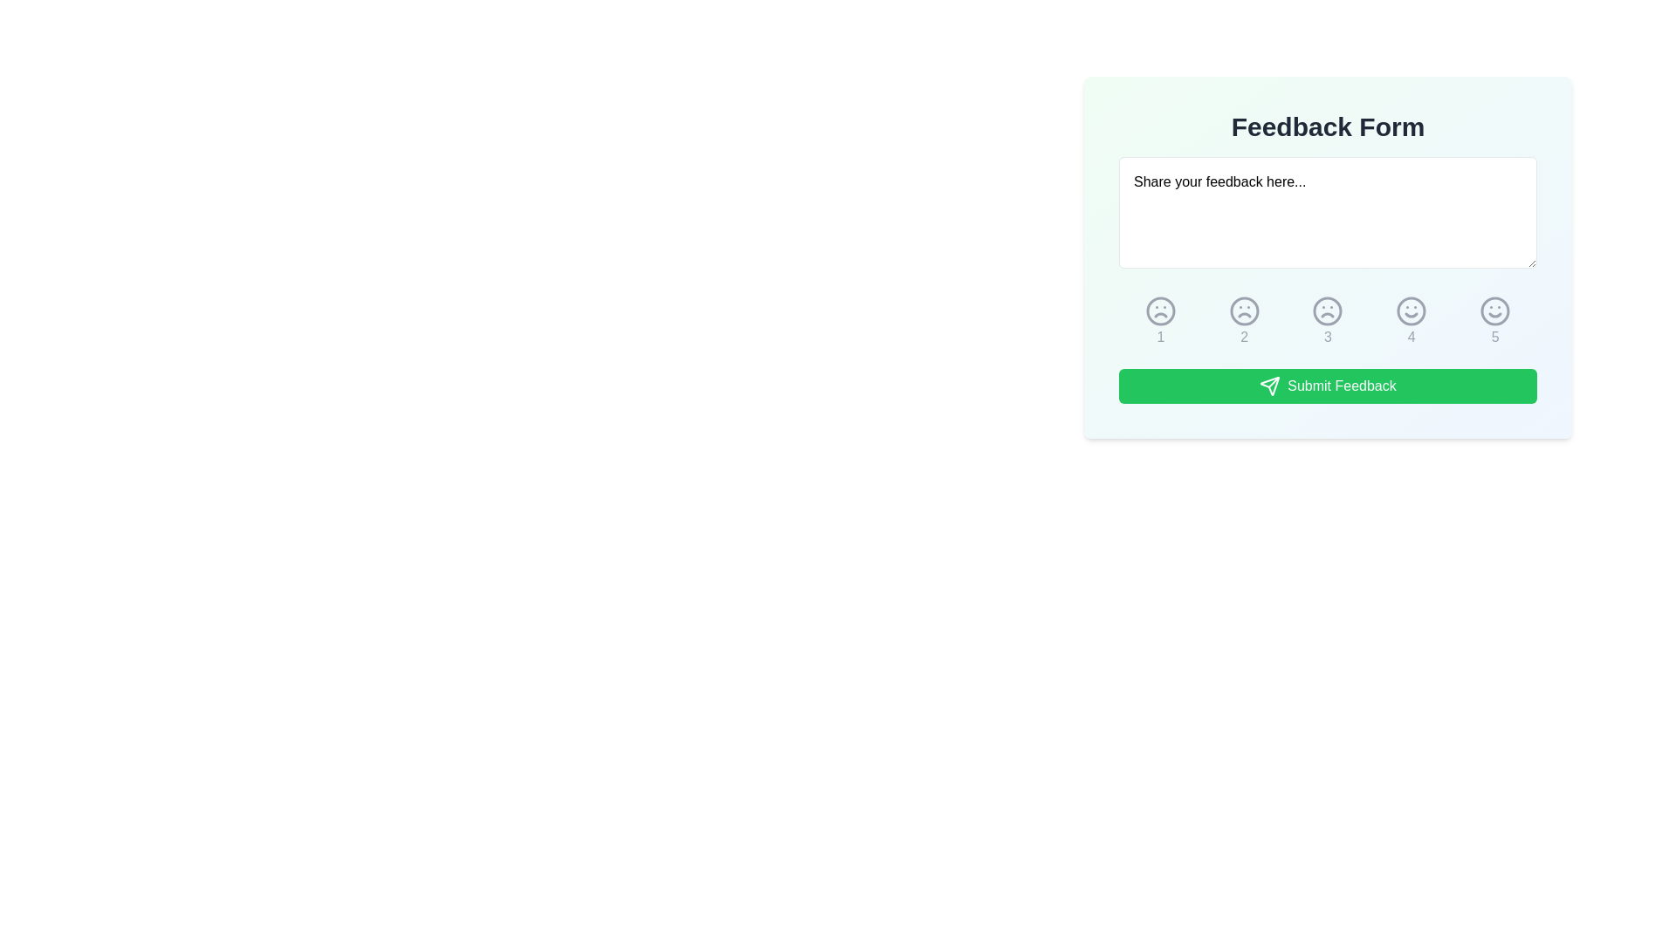 This screenshot has height=942, width=1676. Describe the element at coordinates (1160, 311) in the screenshot. I see `the first facial expression icon in the feedback form` at that location.